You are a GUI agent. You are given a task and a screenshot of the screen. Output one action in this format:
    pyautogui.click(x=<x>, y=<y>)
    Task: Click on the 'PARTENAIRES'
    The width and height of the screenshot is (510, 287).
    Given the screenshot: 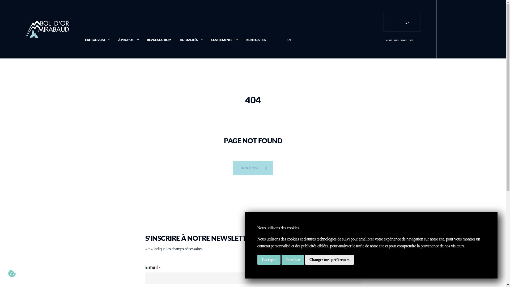 What is the action you would take?
    pyautogui.click(x=256, y=40)
    